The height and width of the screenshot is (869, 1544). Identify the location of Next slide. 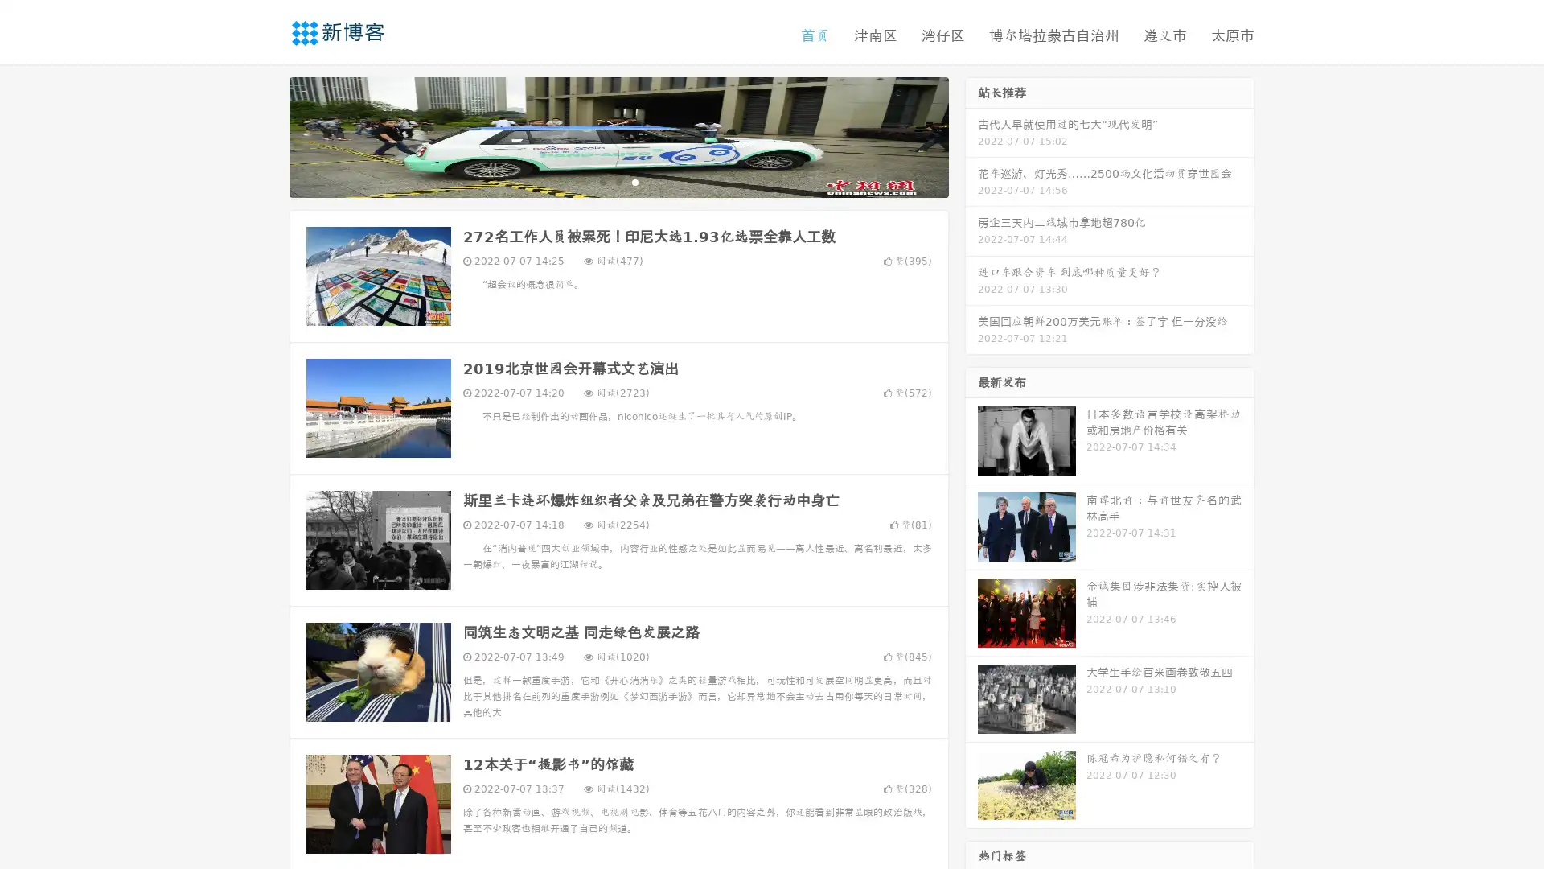
(971, 135).